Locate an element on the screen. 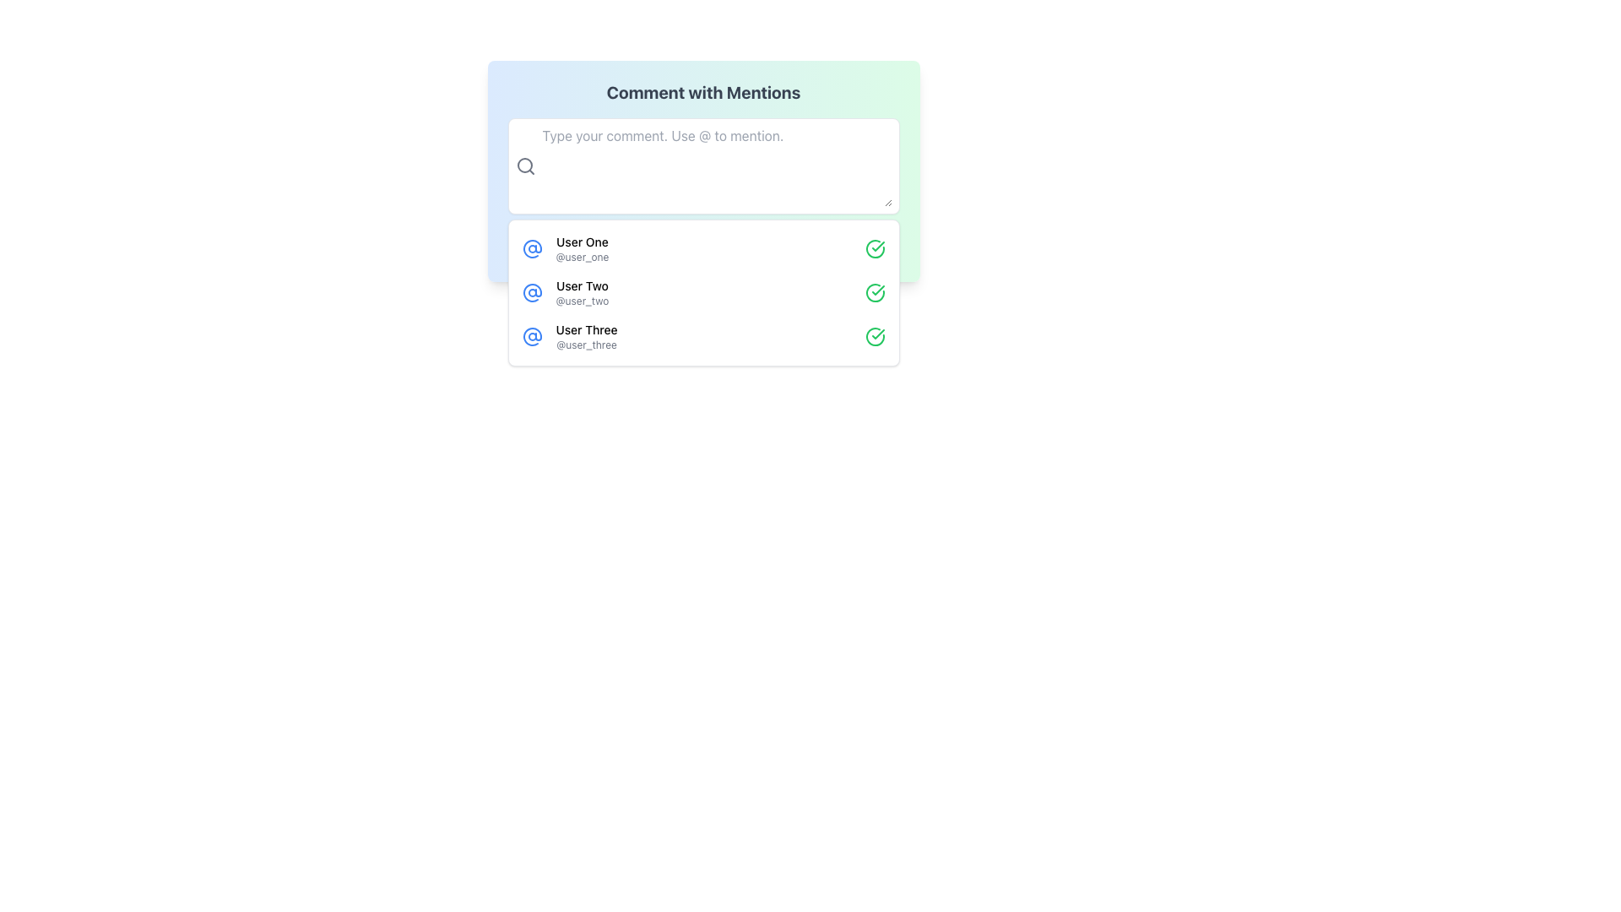 The height and width of the screenshot is (912, 1621). the visual indication of the Checkmark icon located at the far-right end of the third user entry adjacent to 'User Three' is located at coordinates (878, 247).